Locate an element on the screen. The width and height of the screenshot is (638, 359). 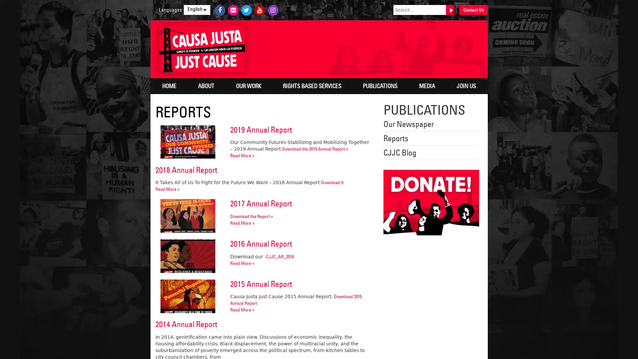
Contact Us is located at coordinates (473, 10).